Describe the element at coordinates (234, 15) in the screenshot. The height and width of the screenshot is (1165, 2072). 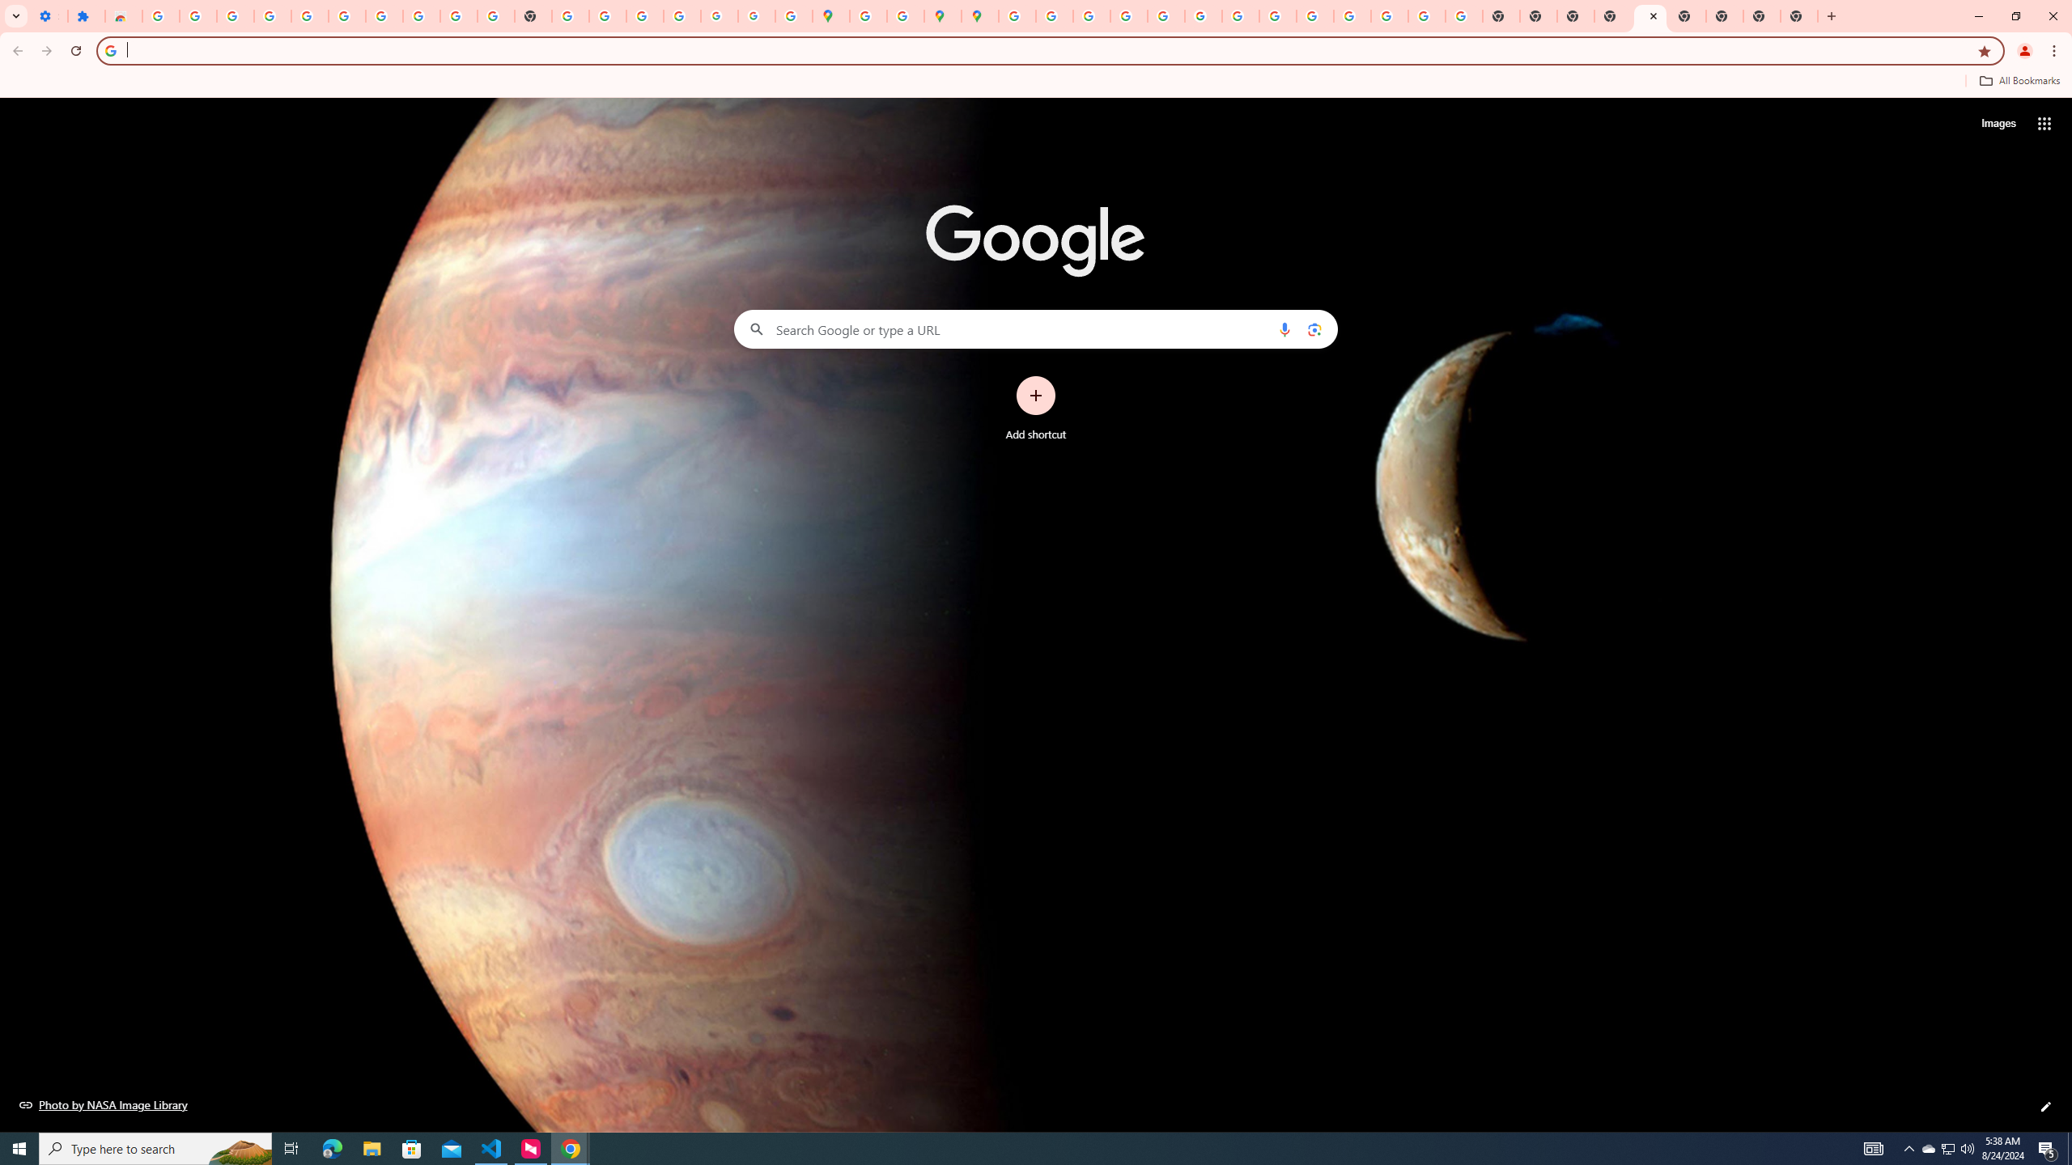
I see `'Delete photos & videos - Computer - Google Photos Help'` at that location.